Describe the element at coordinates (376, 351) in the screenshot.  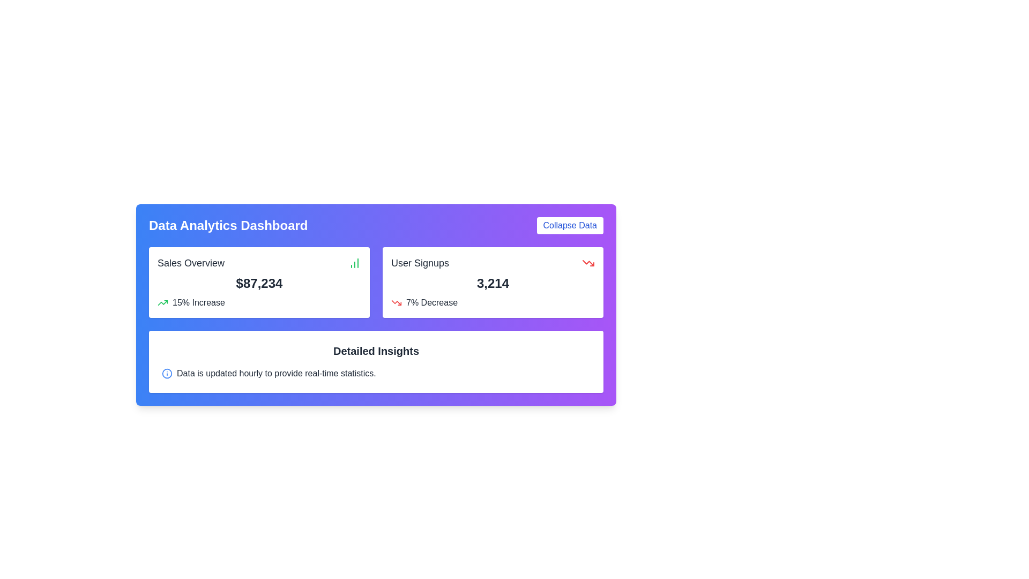
I see `the bolded title text 'Detailed Insights' to focus on it` at that location.